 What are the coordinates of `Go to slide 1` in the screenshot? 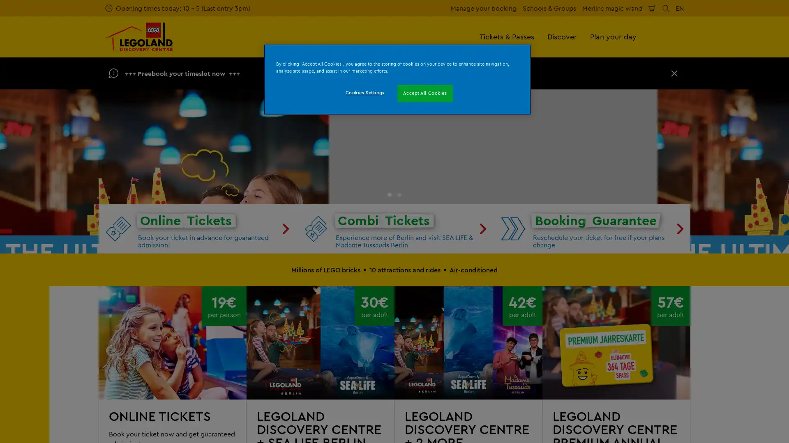 It's located at (389, 349).